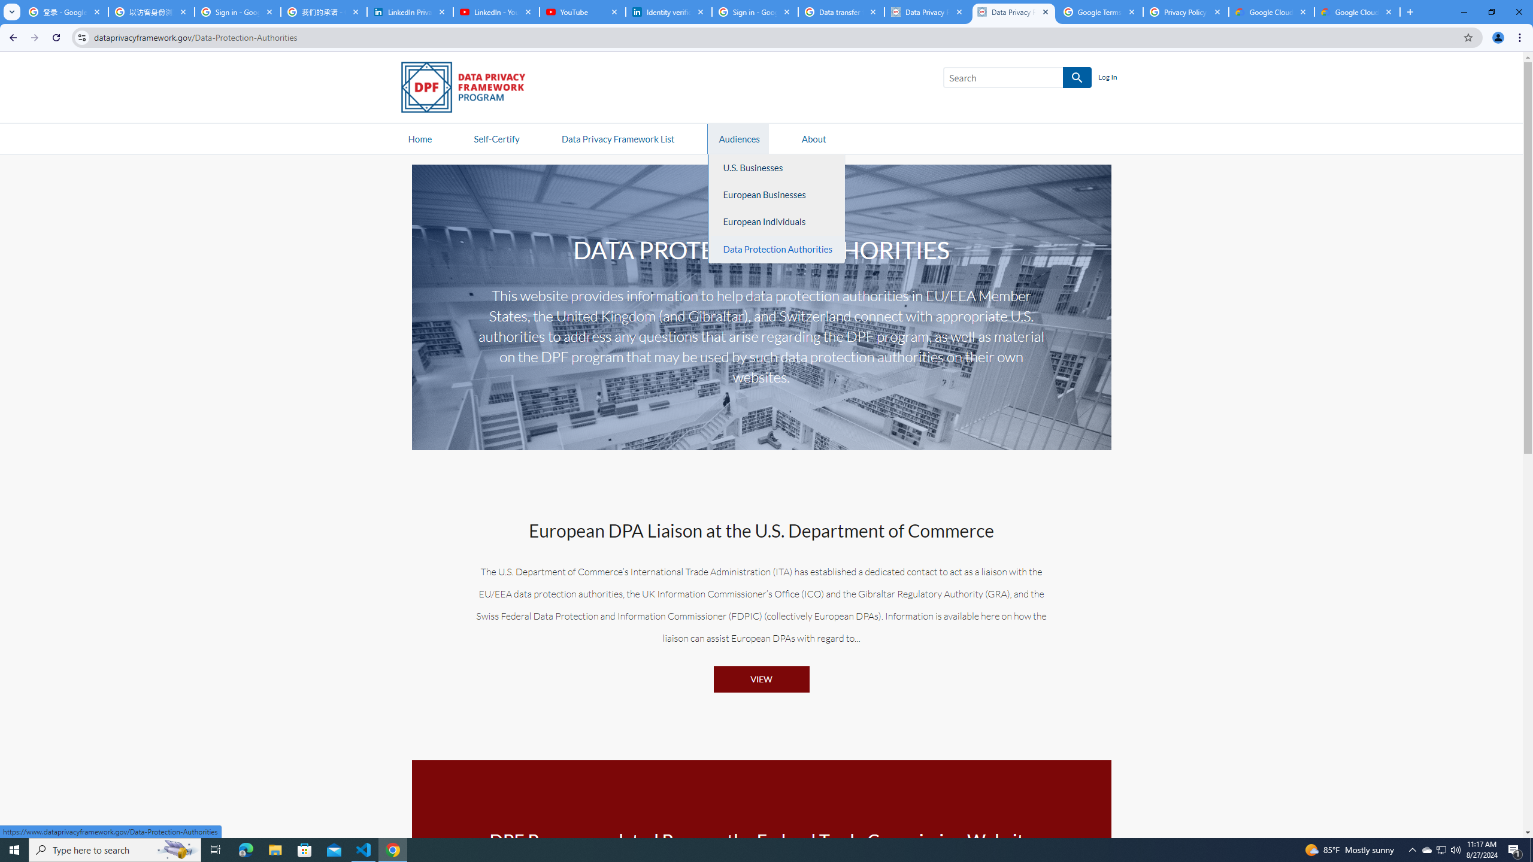 Image resolution: width=1533 pixels, height=862 pixels. I want to click on 'Data Protection Authorities', so click(778, 248).